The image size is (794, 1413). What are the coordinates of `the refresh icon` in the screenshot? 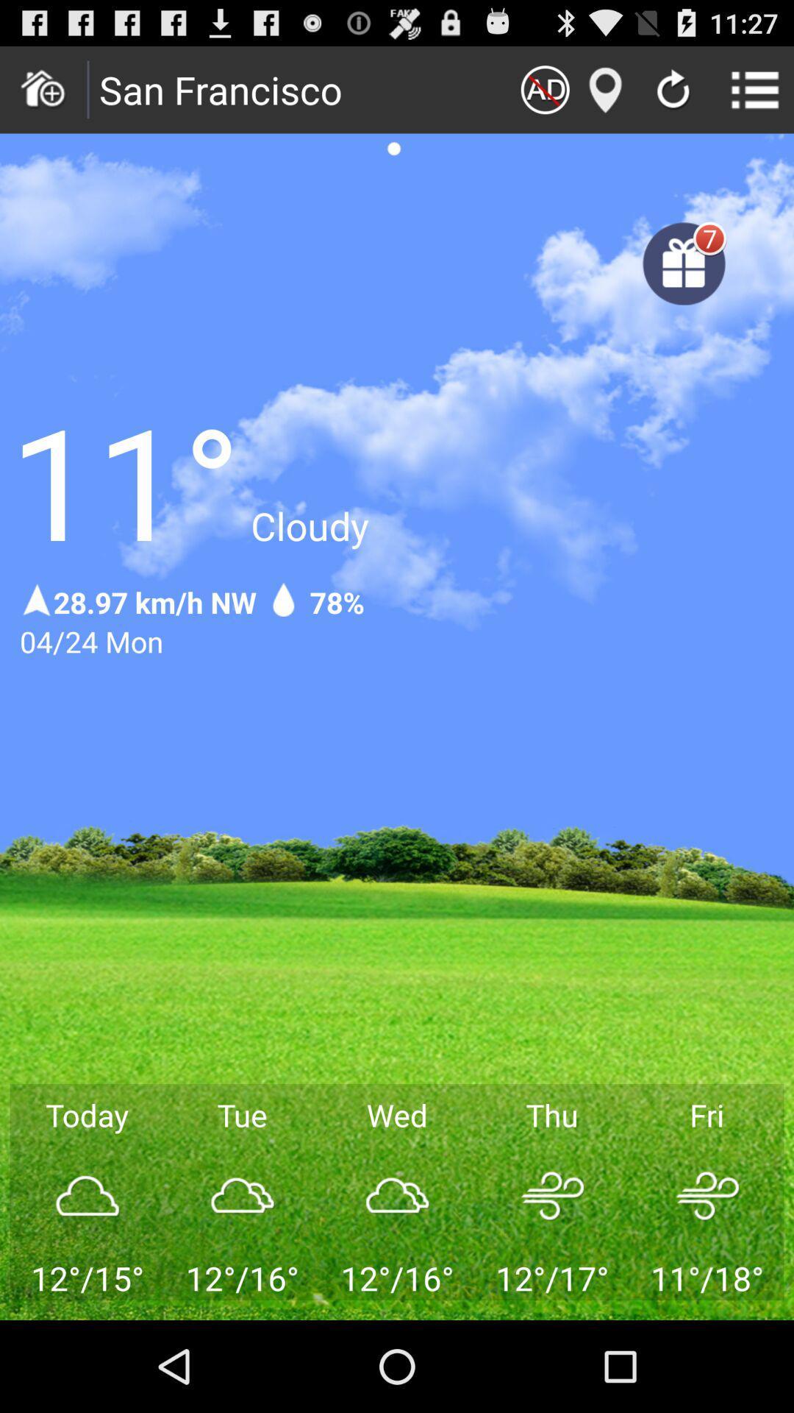 It's located at (673, 97).